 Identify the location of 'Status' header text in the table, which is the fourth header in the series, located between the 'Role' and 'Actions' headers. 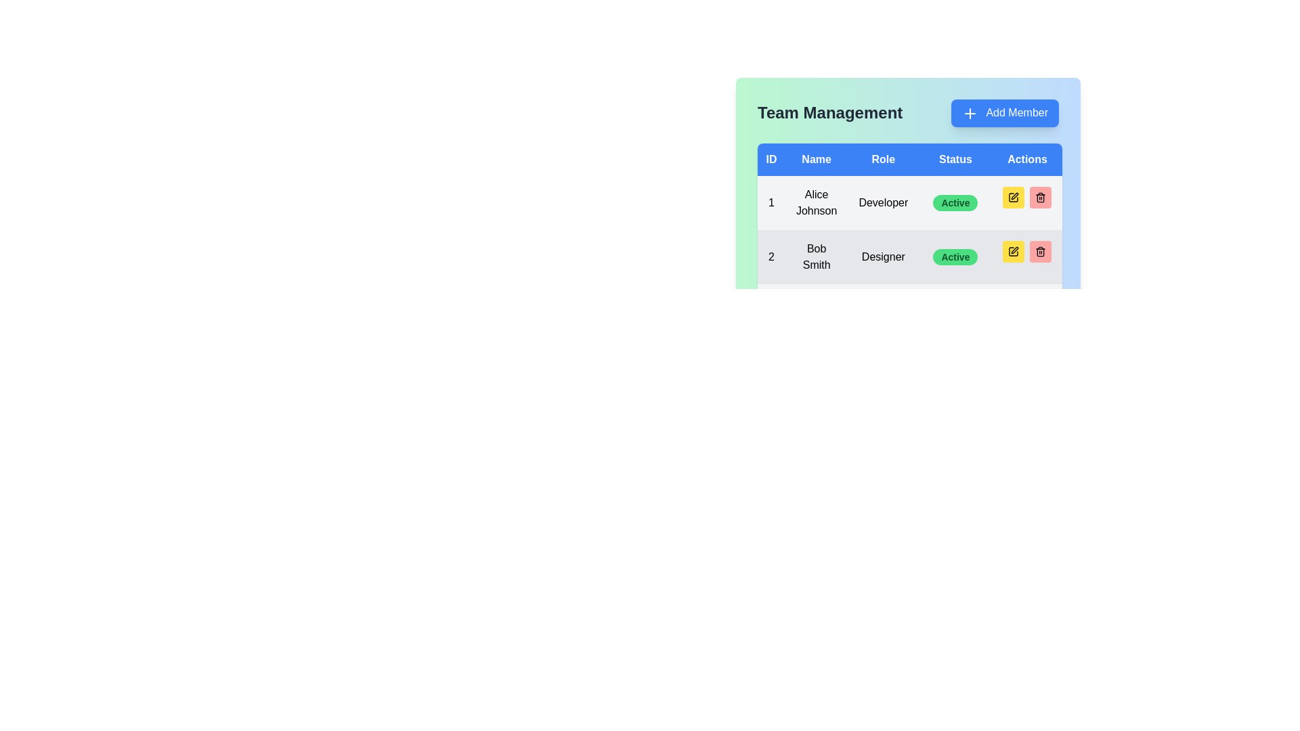
(955, 158).